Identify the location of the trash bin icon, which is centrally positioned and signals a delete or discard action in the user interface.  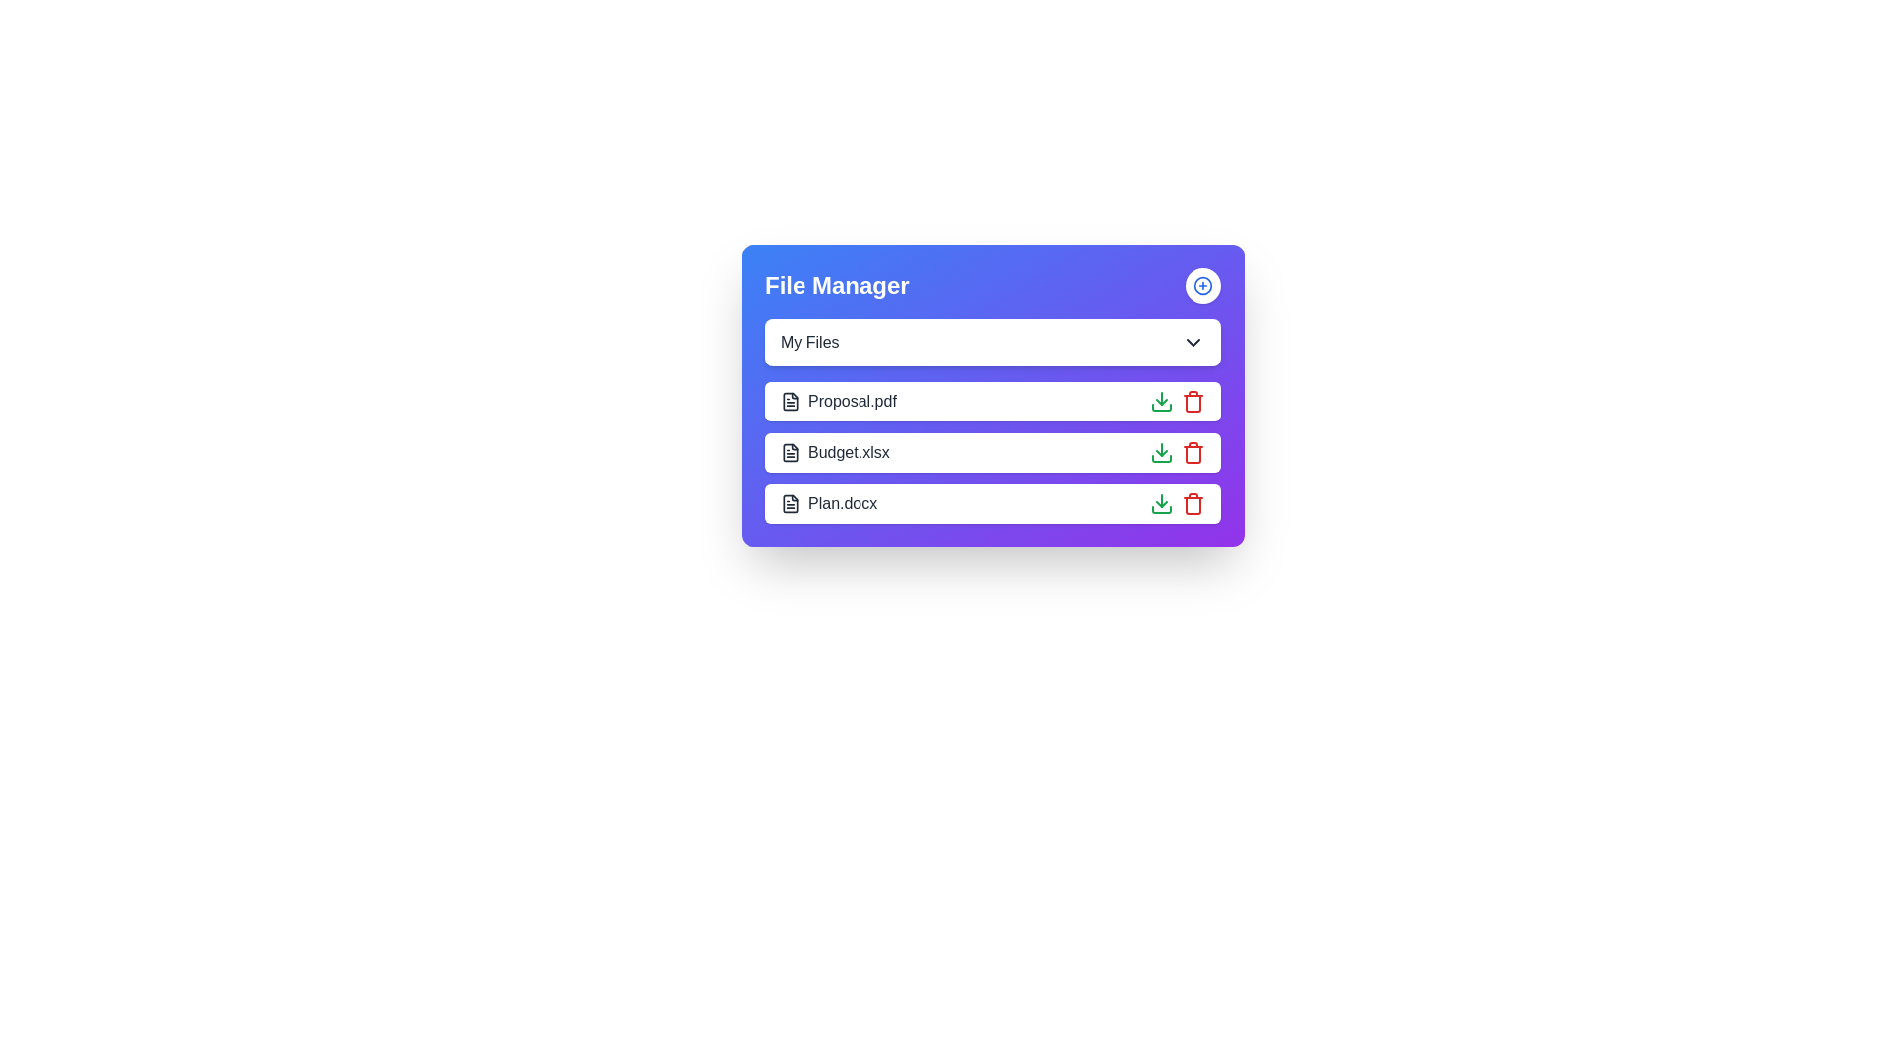
(1192, 454).